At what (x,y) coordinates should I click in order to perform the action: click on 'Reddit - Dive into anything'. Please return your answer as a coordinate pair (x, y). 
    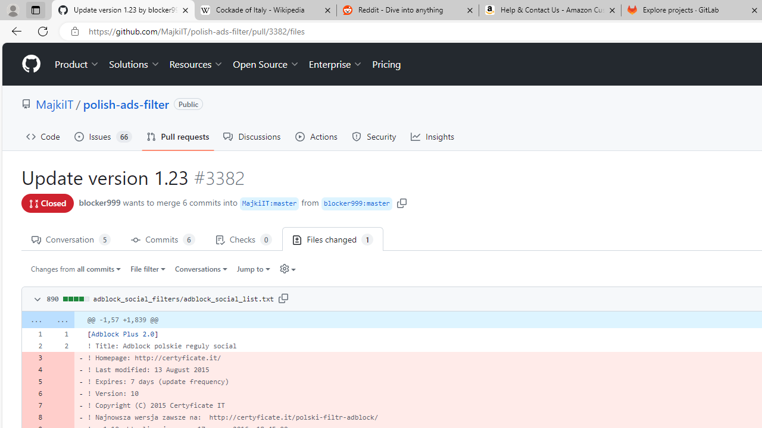
    Looking at the image, I should click on (407, 10).